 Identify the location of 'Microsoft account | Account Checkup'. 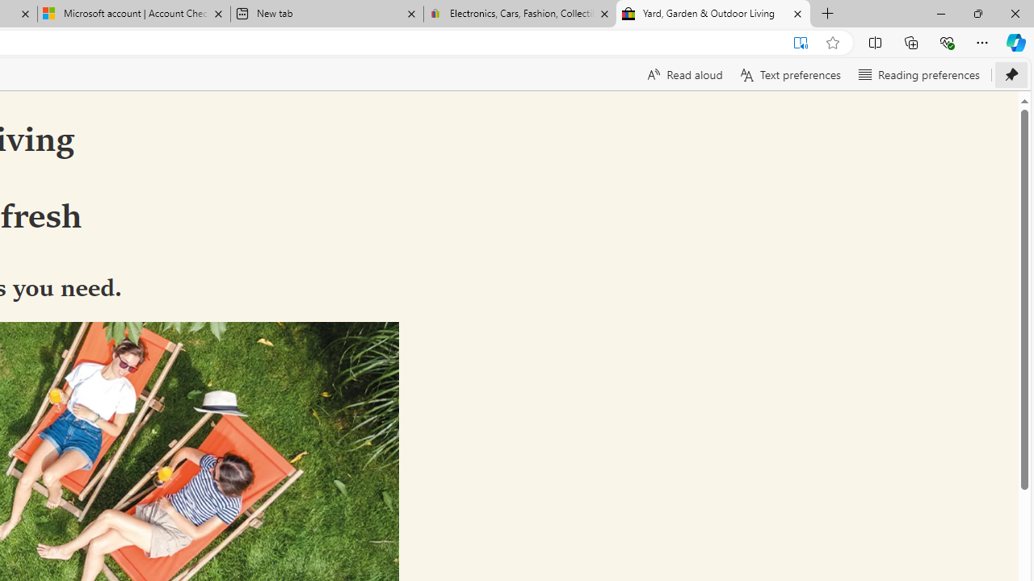
(134, 14).